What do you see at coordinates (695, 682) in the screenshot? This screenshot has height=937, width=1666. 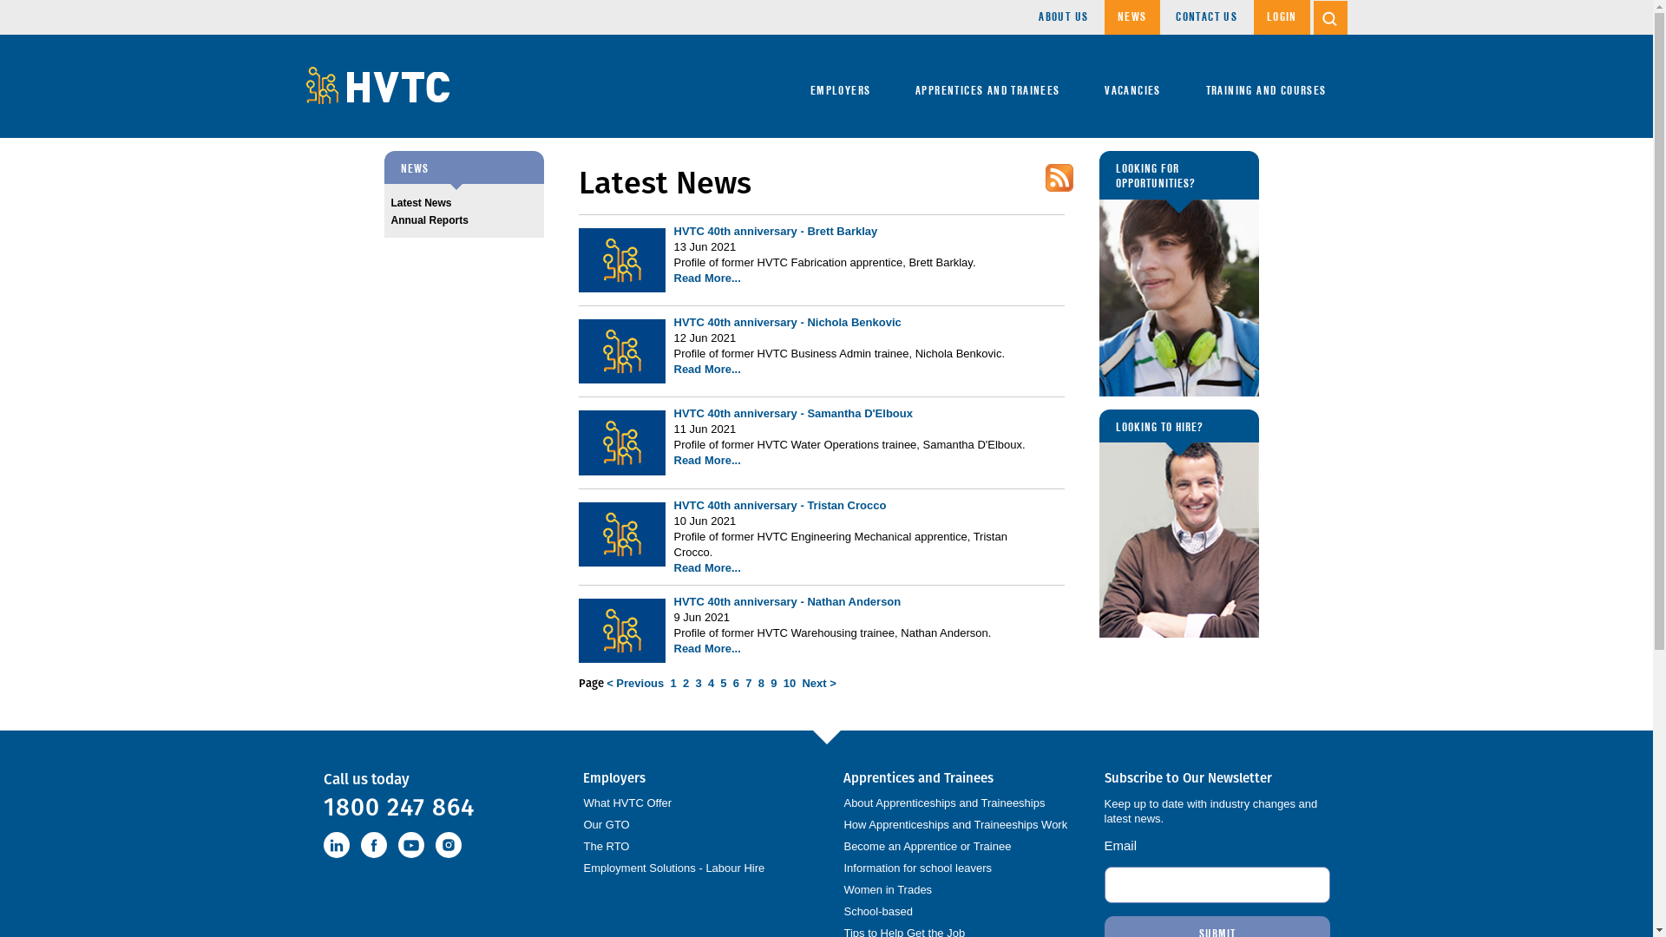 I see `'3'` at bounding box center [695, 682].